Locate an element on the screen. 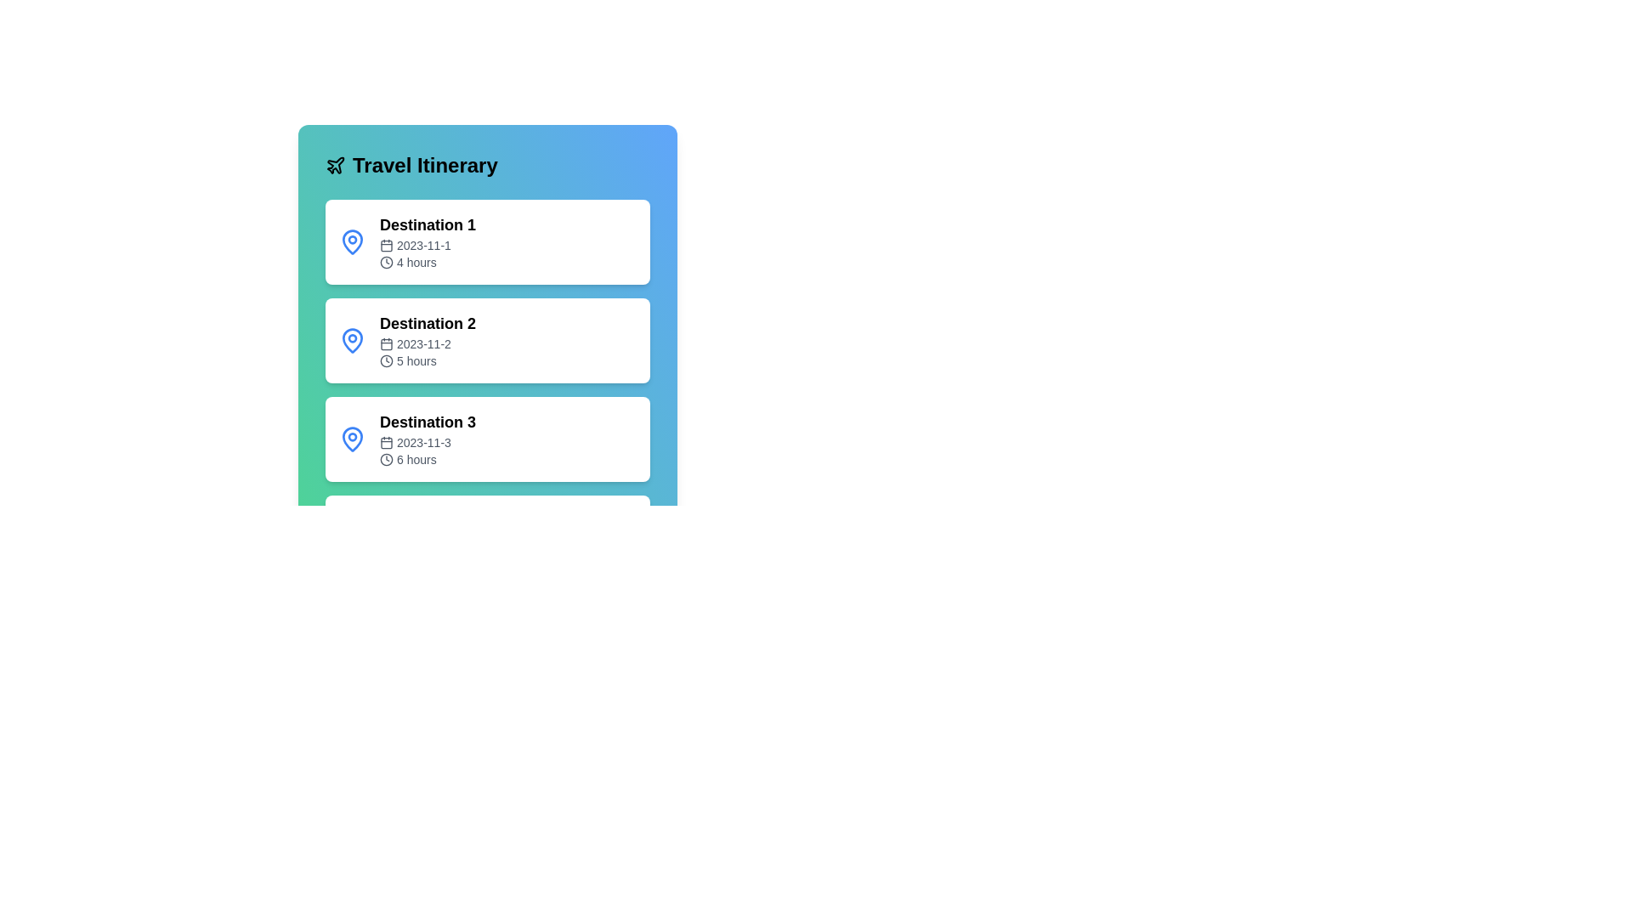 This screenshot has width=1632, height=918. properties of the Text and icon pair displaying '5 hours' with a clock icon, located in the 'Destination 2' section beneath the date '2023-11-2' is located at coordinates (428, 360).